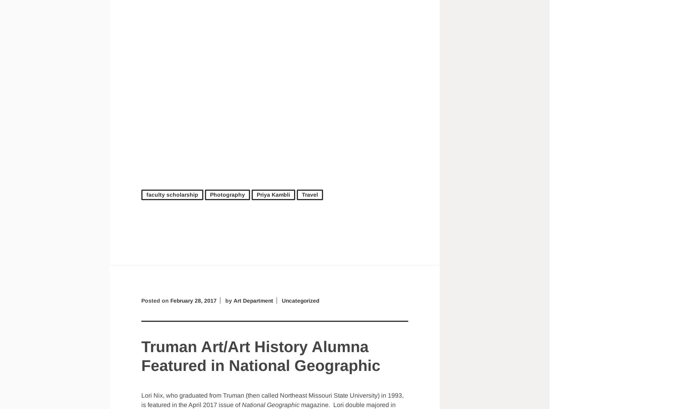  What do you see at coordinates (155, 300) in the screenshot?
I see `'Posted on'` at bounding box center [155, 300].